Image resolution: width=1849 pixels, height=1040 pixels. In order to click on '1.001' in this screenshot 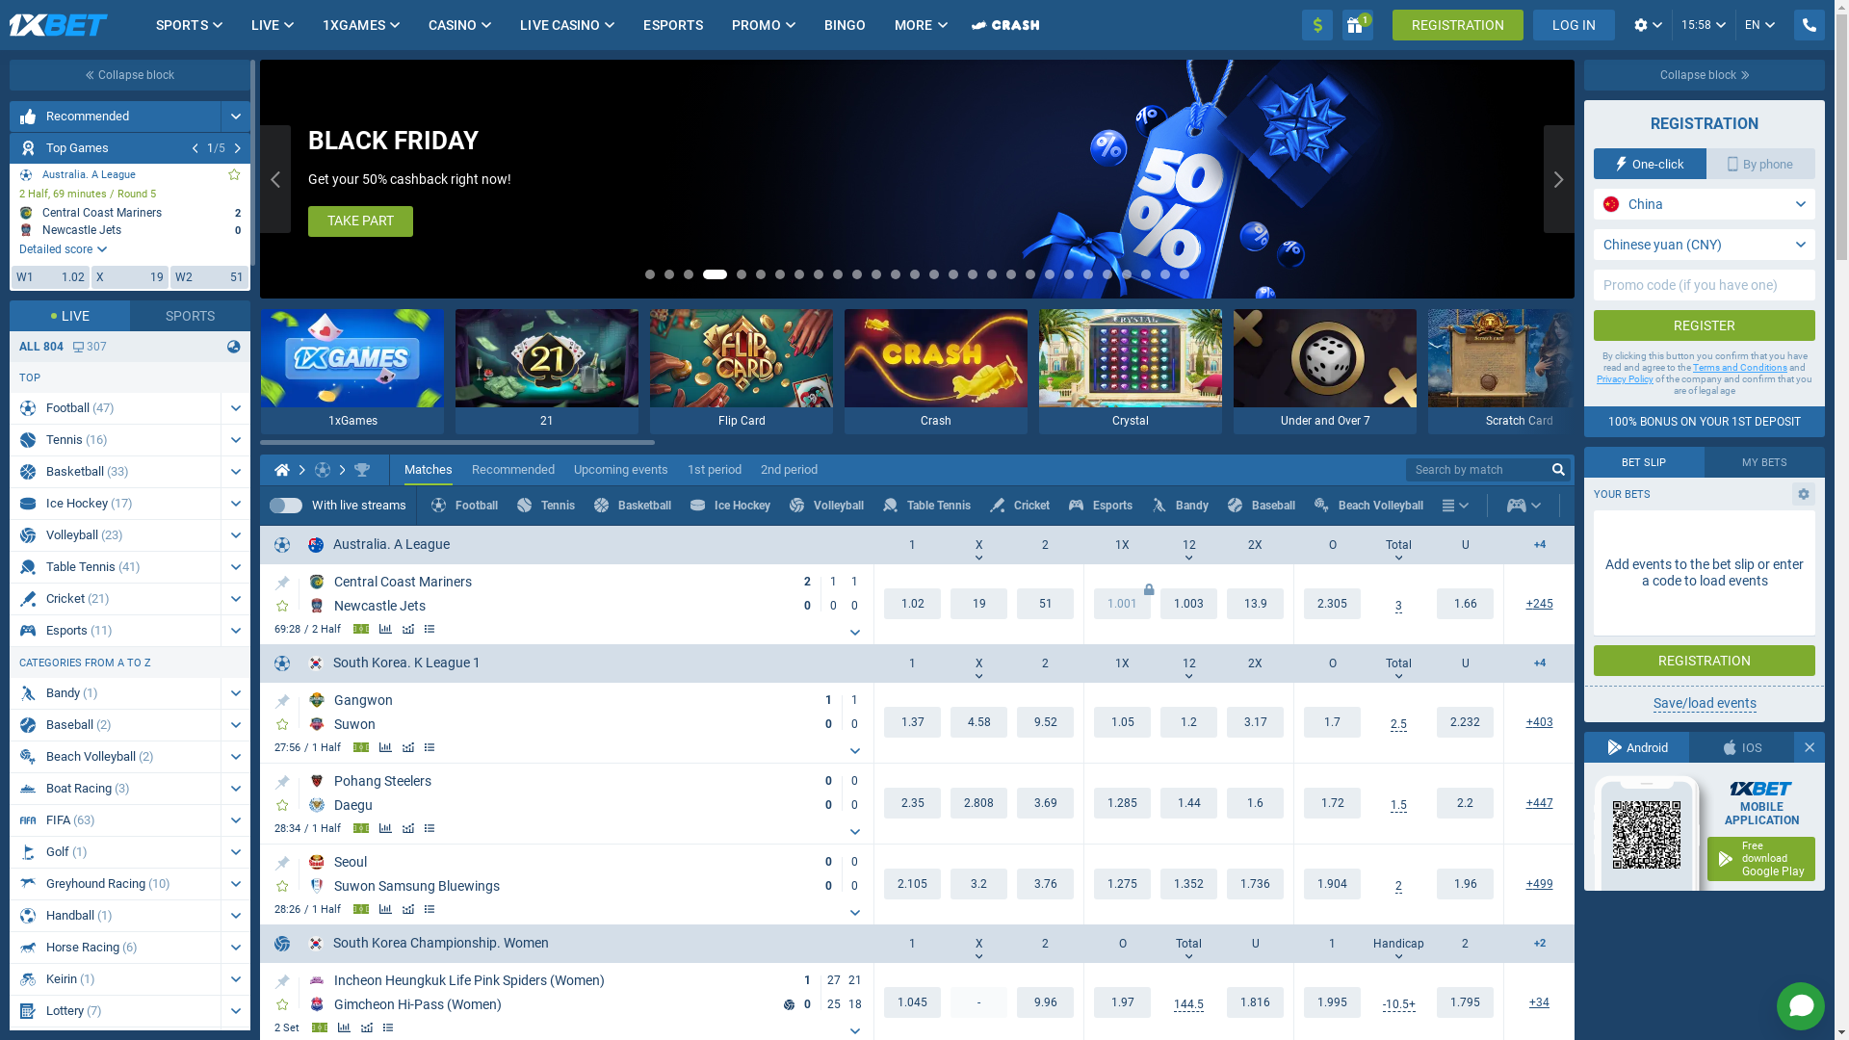, I will do `click(1094, 603)`.